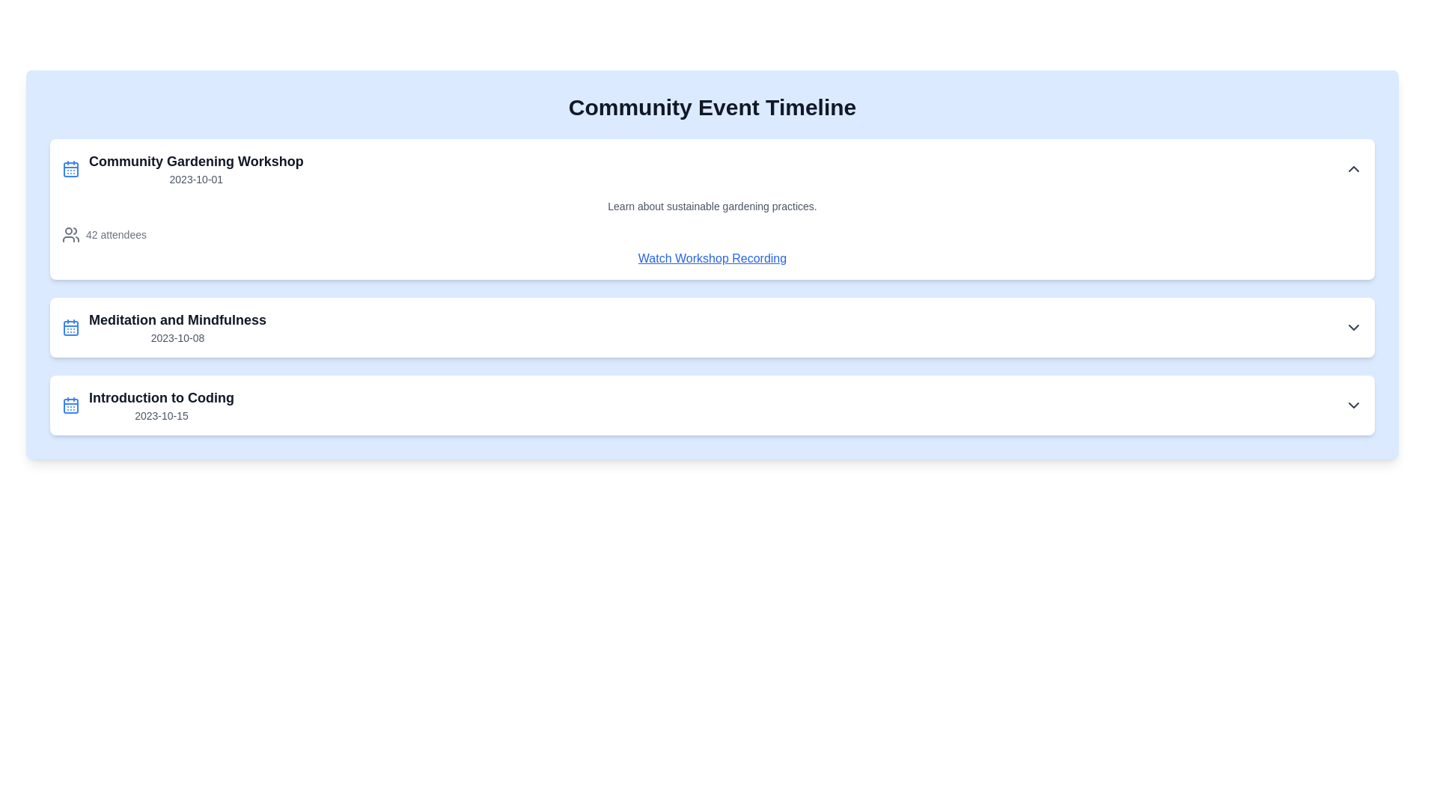 The width and height of the screenshot is (1437, 808). What do you see at coordinates (711, 327) in the screenshot?
I see `the down arrow on the second expandable event card located in the 'Community Event Timeline' section` at bounding box center [711, 327].